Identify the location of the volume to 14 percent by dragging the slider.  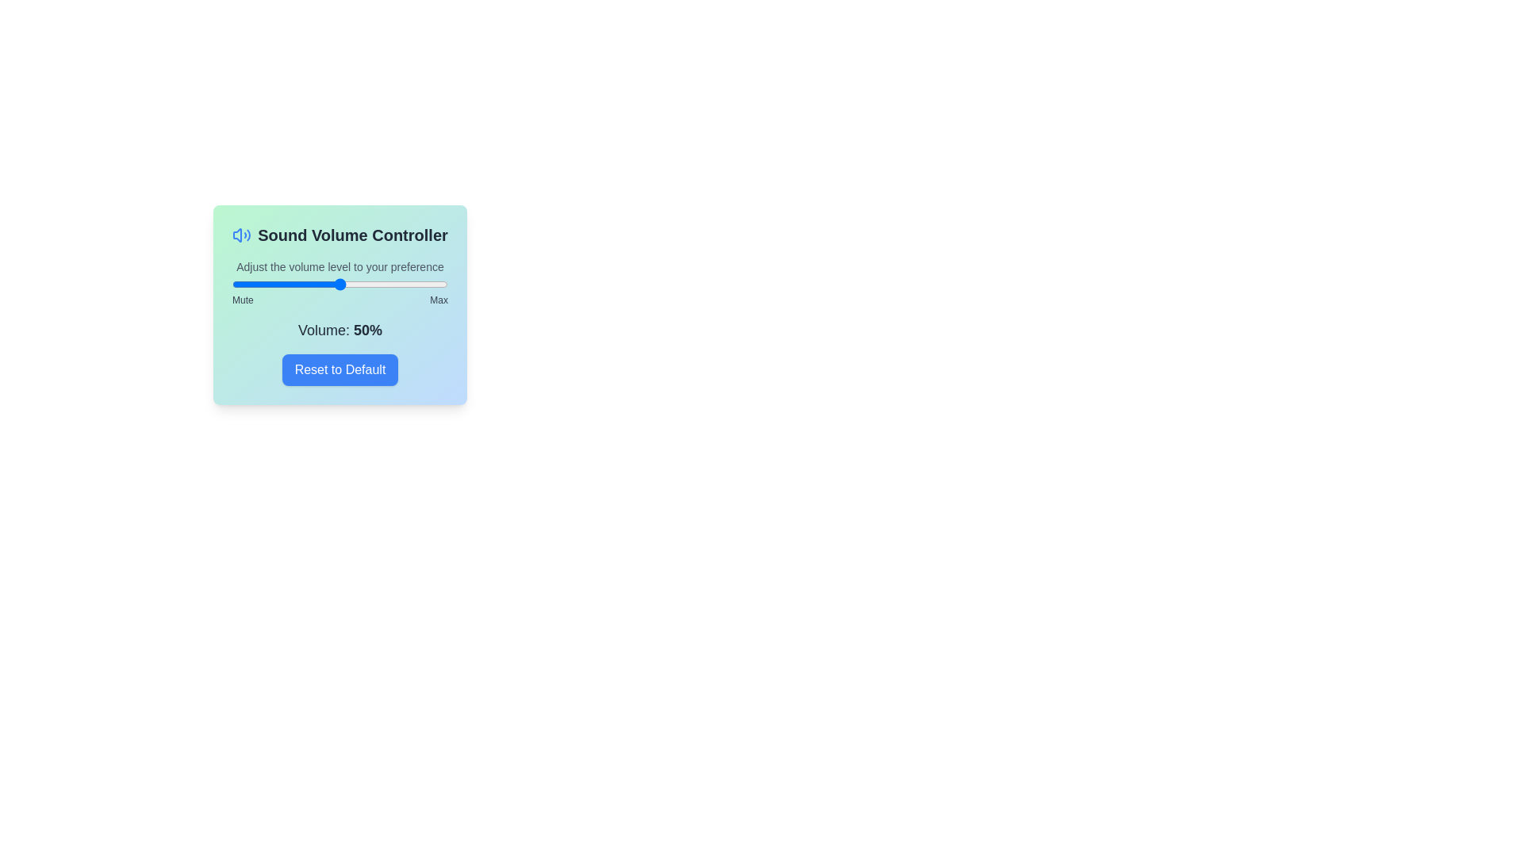
(263, 283).